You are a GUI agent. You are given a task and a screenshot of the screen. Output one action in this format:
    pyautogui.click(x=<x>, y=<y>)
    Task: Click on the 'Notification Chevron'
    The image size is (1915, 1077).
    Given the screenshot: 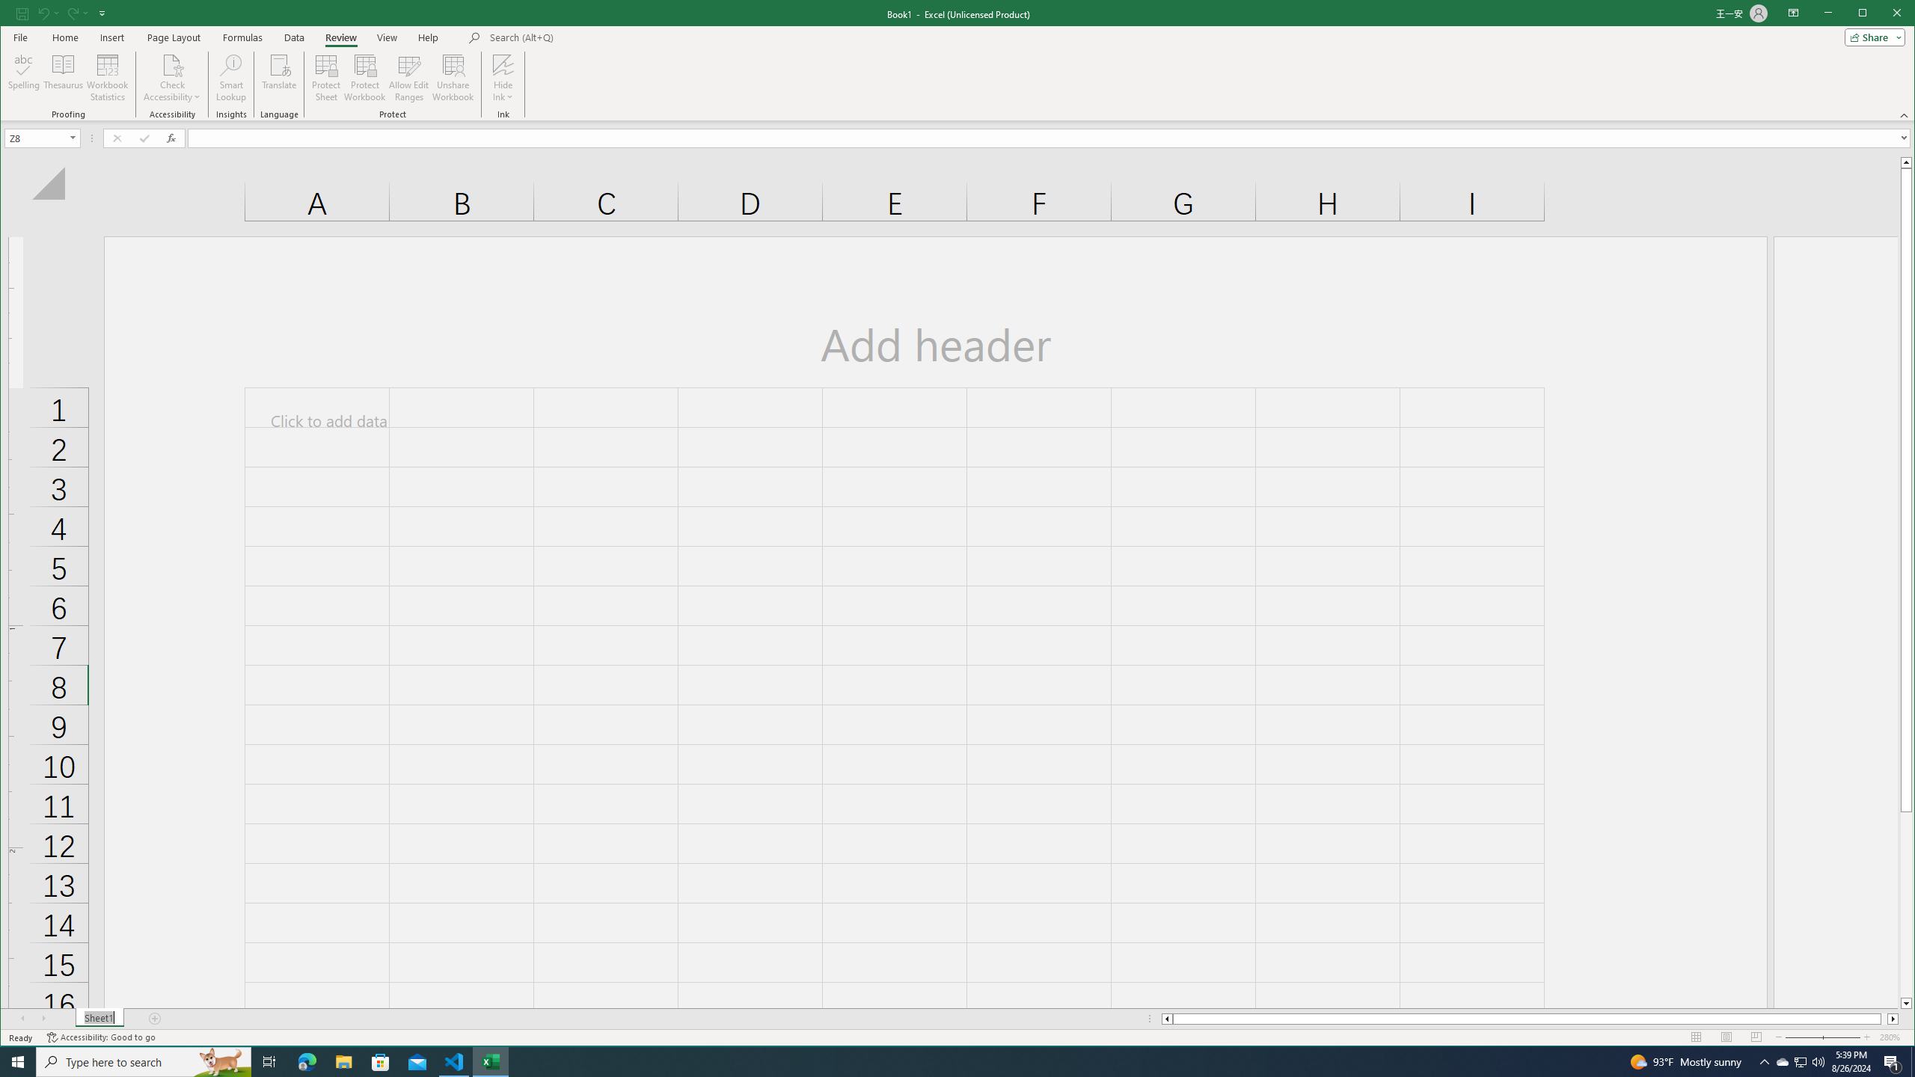 What is the action you would take?
    pyautogui.click(x=1765, y=1061)
    